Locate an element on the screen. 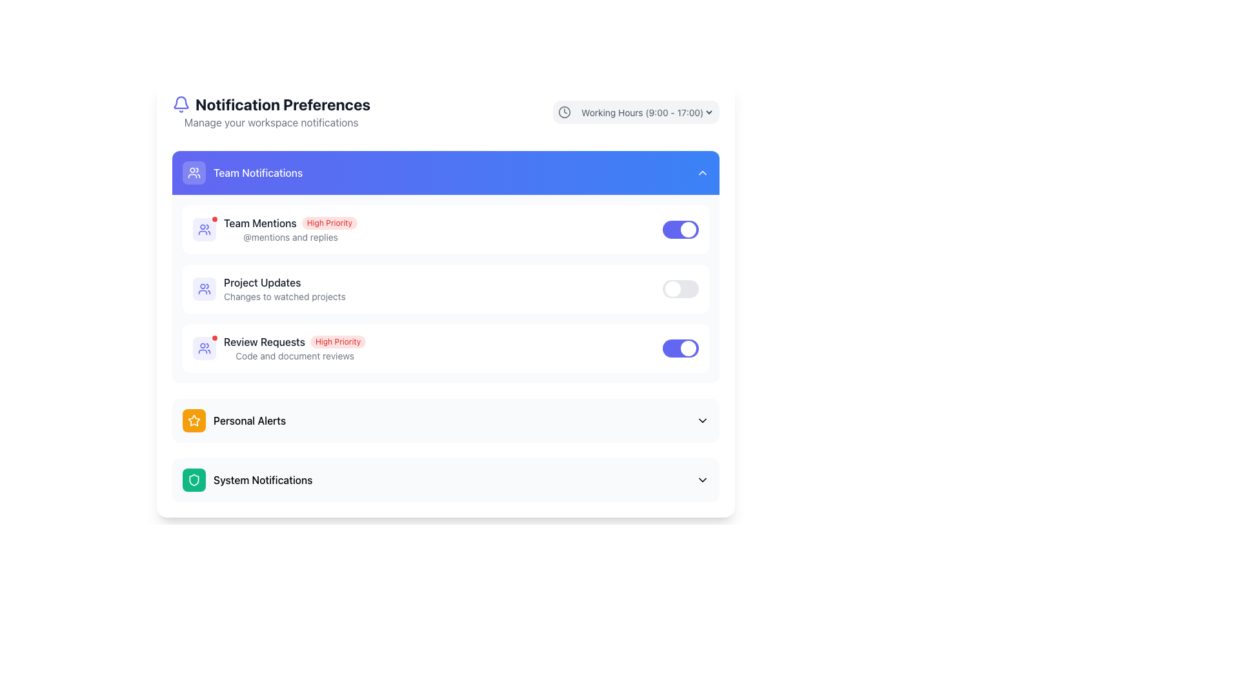  the 'Project Updates' text label in the 'Team Notifications' section is located at coordinates (261, 282).